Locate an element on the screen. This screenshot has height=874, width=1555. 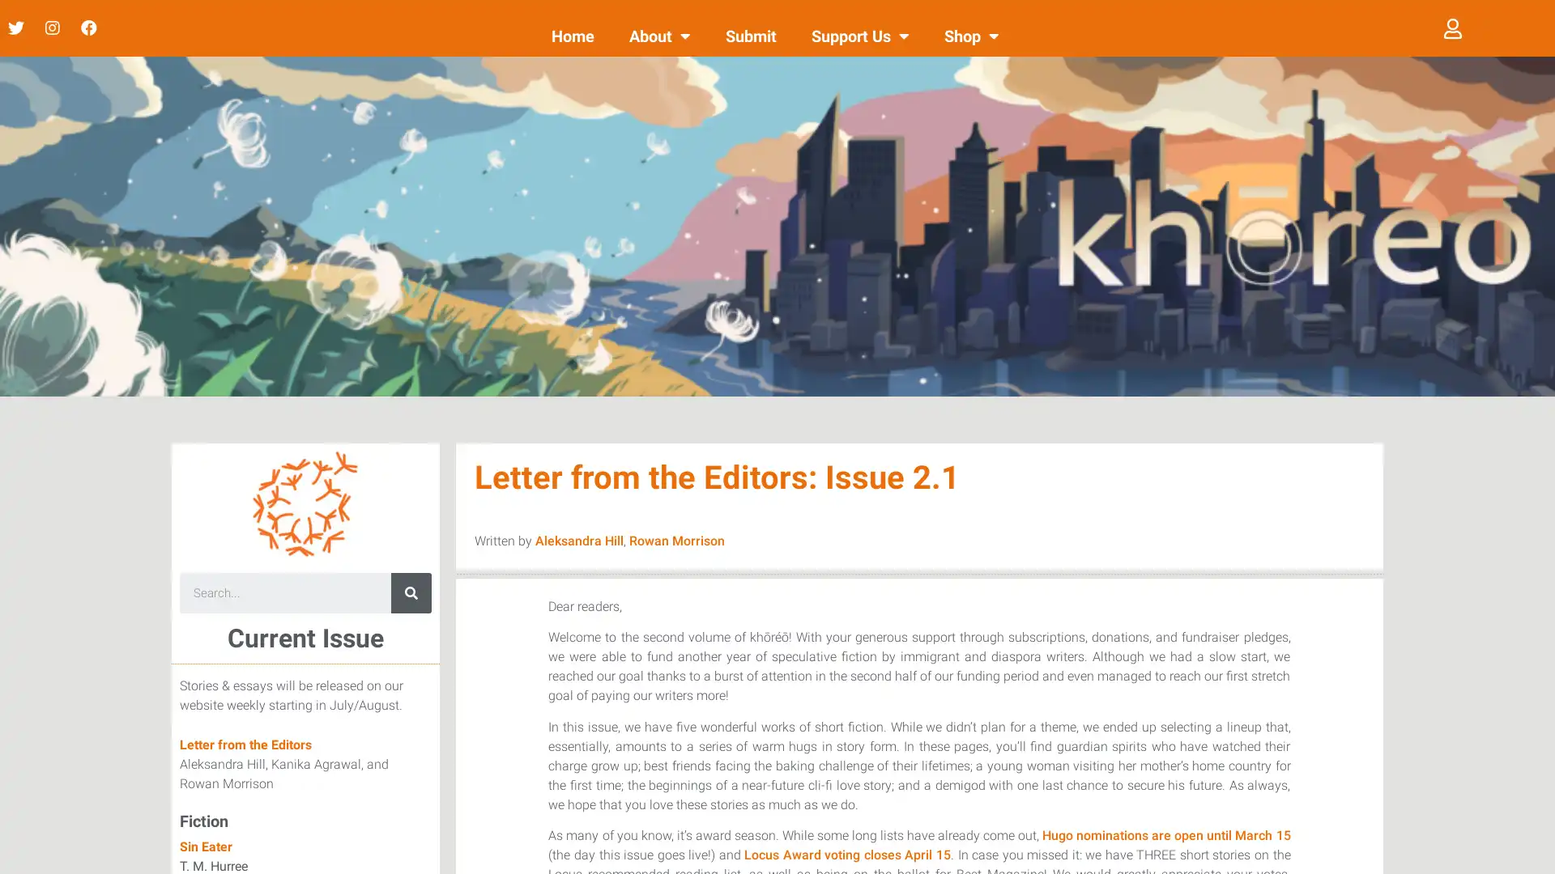
Search is located at coordinates (411, 592).